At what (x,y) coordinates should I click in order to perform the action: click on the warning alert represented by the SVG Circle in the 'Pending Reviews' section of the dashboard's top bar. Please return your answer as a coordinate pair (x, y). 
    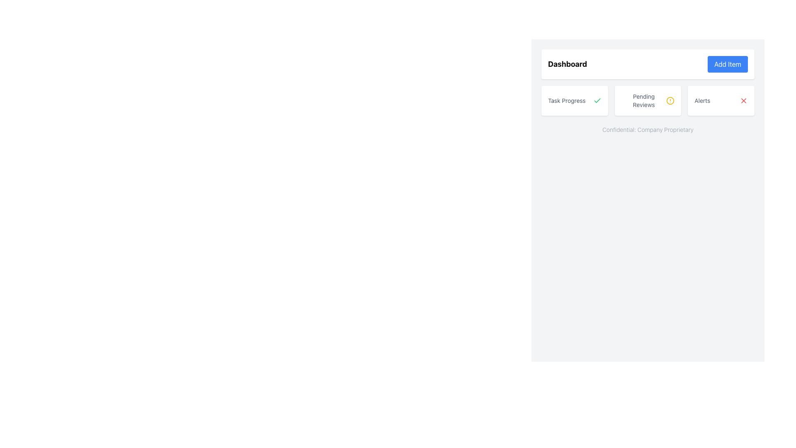
    Looking at the image, I should click on (670, 100).